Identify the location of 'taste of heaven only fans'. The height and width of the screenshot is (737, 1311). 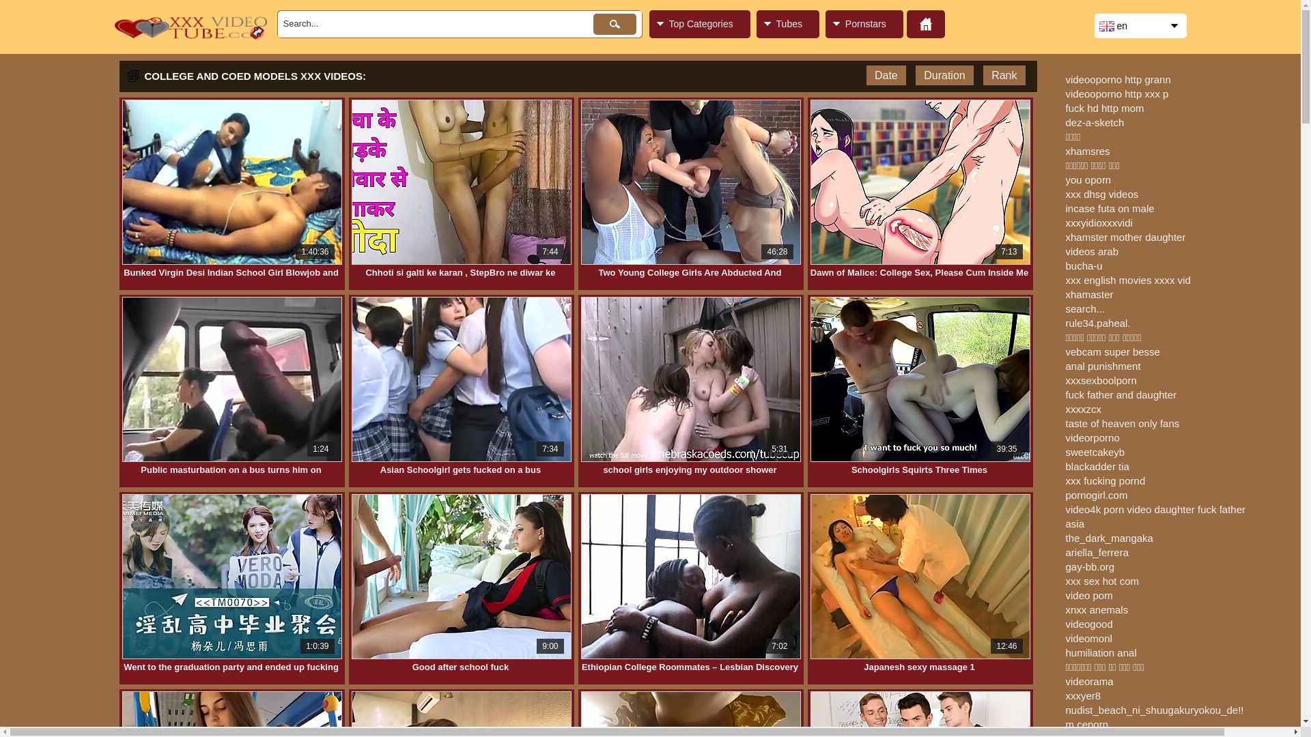
(1122, 422).